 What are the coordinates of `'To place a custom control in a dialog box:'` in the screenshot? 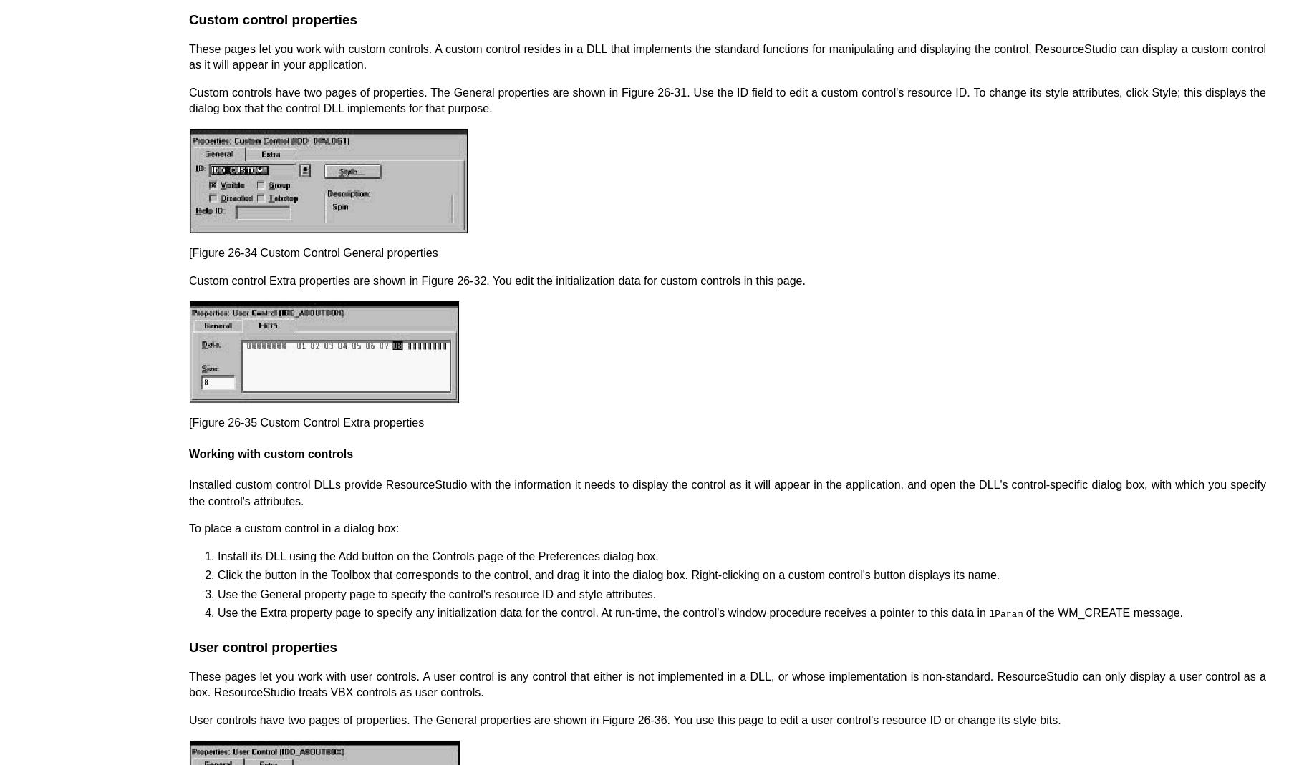 It's located at (294, 527).